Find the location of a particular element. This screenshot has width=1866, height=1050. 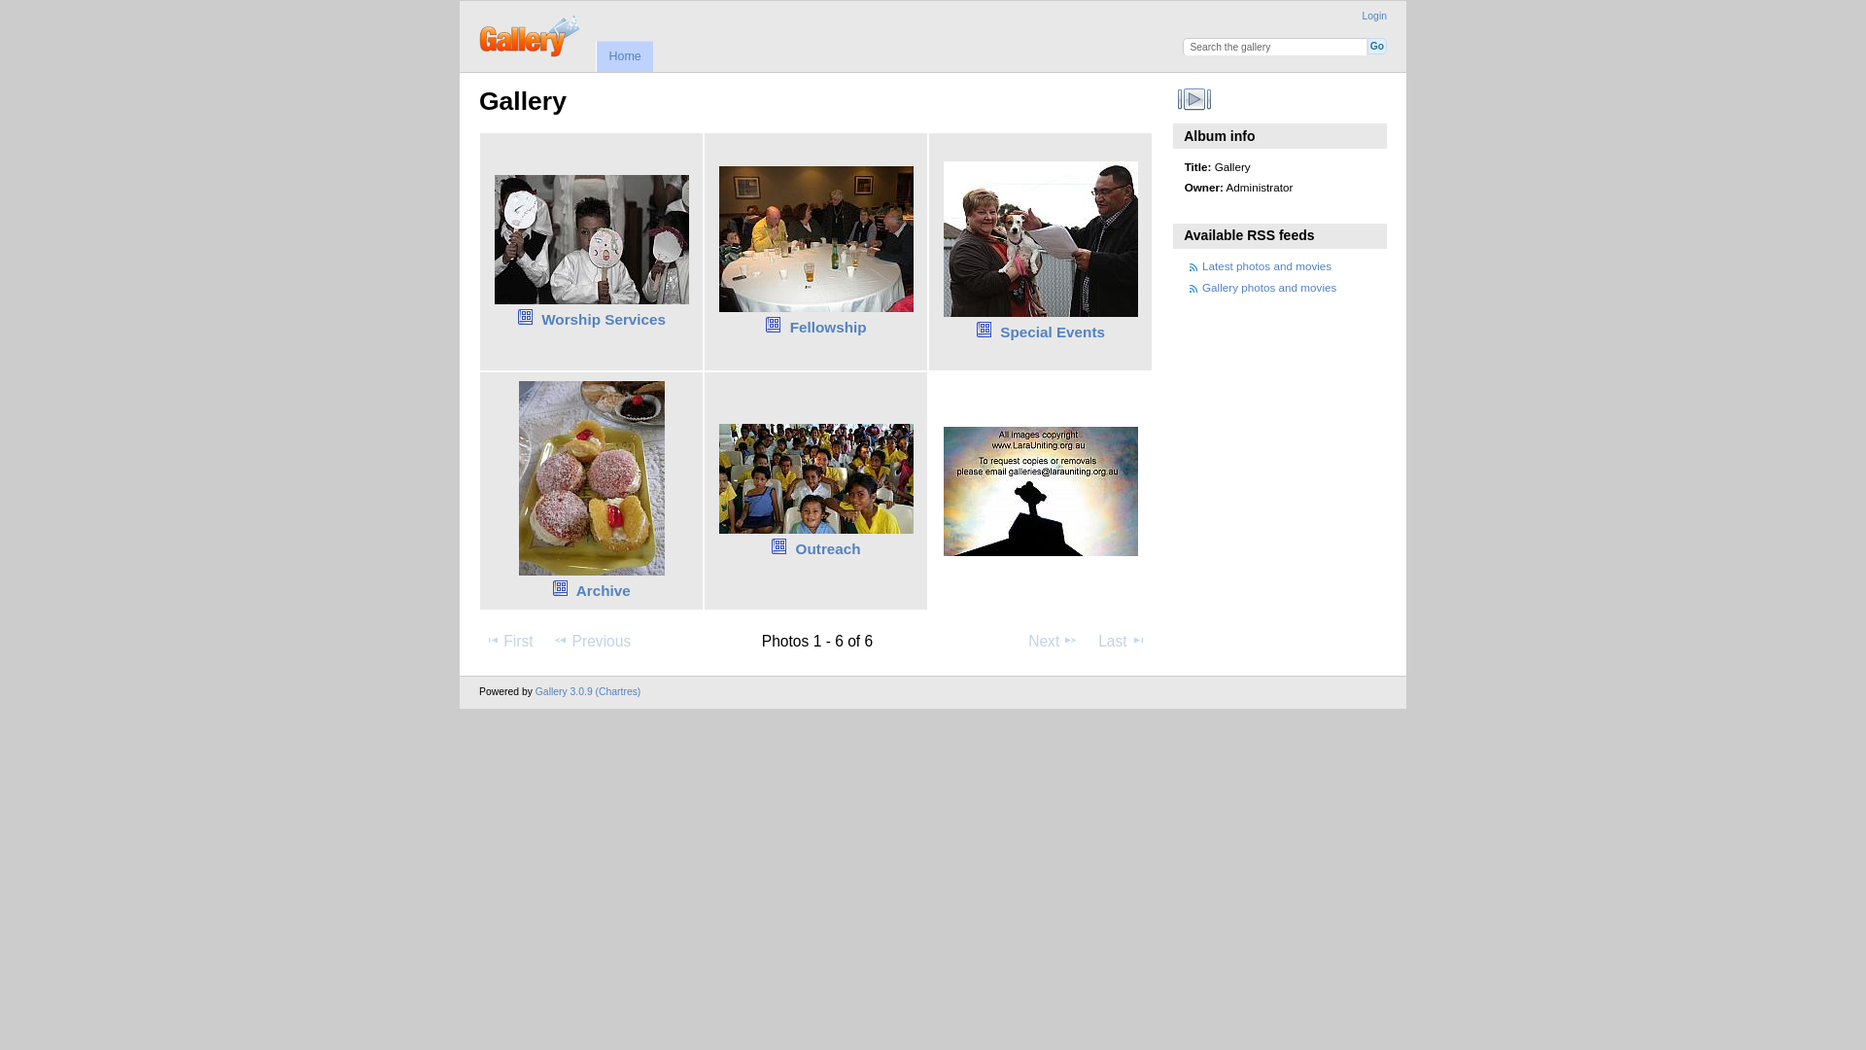

'Go' is located at coordinates (1375, 45).